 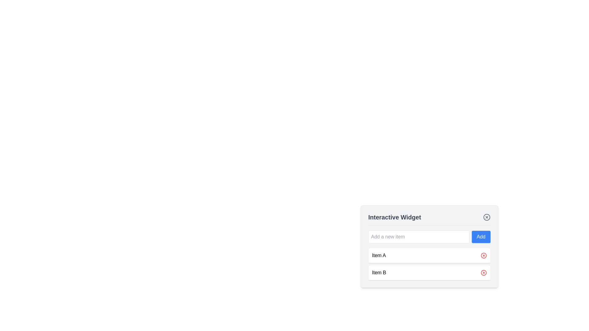 What do you see at coordinates (486, 217) in the screenshot?
I see `the close button located at the top-right corner of the 'Interactive Widget' panel for keyboard interaction` at bounding box center [486, 217].